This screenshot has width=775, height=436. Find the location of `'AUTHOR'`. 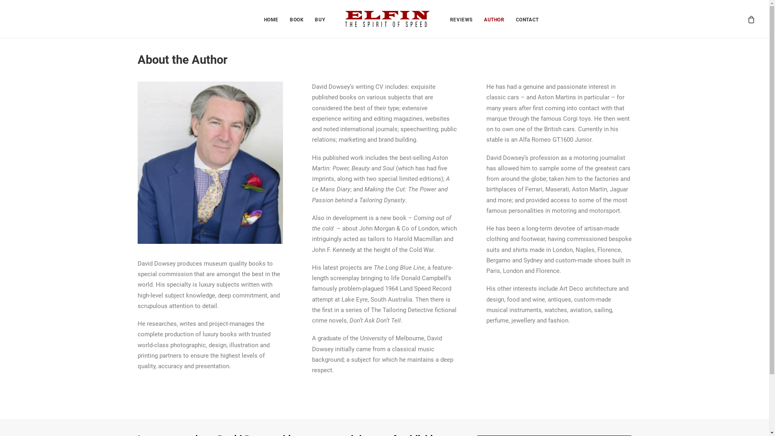

'AUTHOR' is located at coordinates (494, 18).